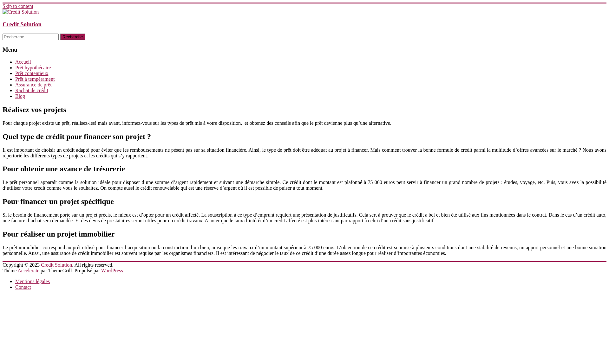 The image size is (609, 342). I want to click on 'Accueil', so click(23, 62).